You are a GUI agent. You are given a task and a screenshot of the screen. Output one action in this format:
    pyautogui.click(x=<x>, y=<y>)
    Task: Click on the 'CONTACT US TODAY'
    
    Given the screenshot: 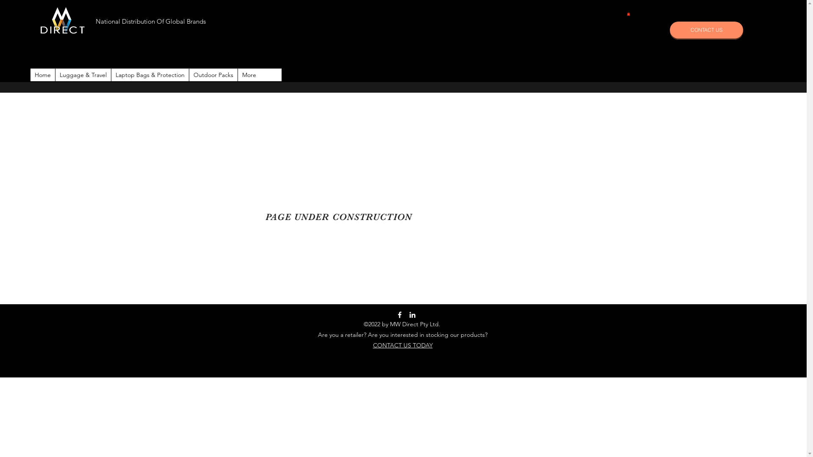 What is the action you would take?
    pyautogui.click(x=402, y=345)
    